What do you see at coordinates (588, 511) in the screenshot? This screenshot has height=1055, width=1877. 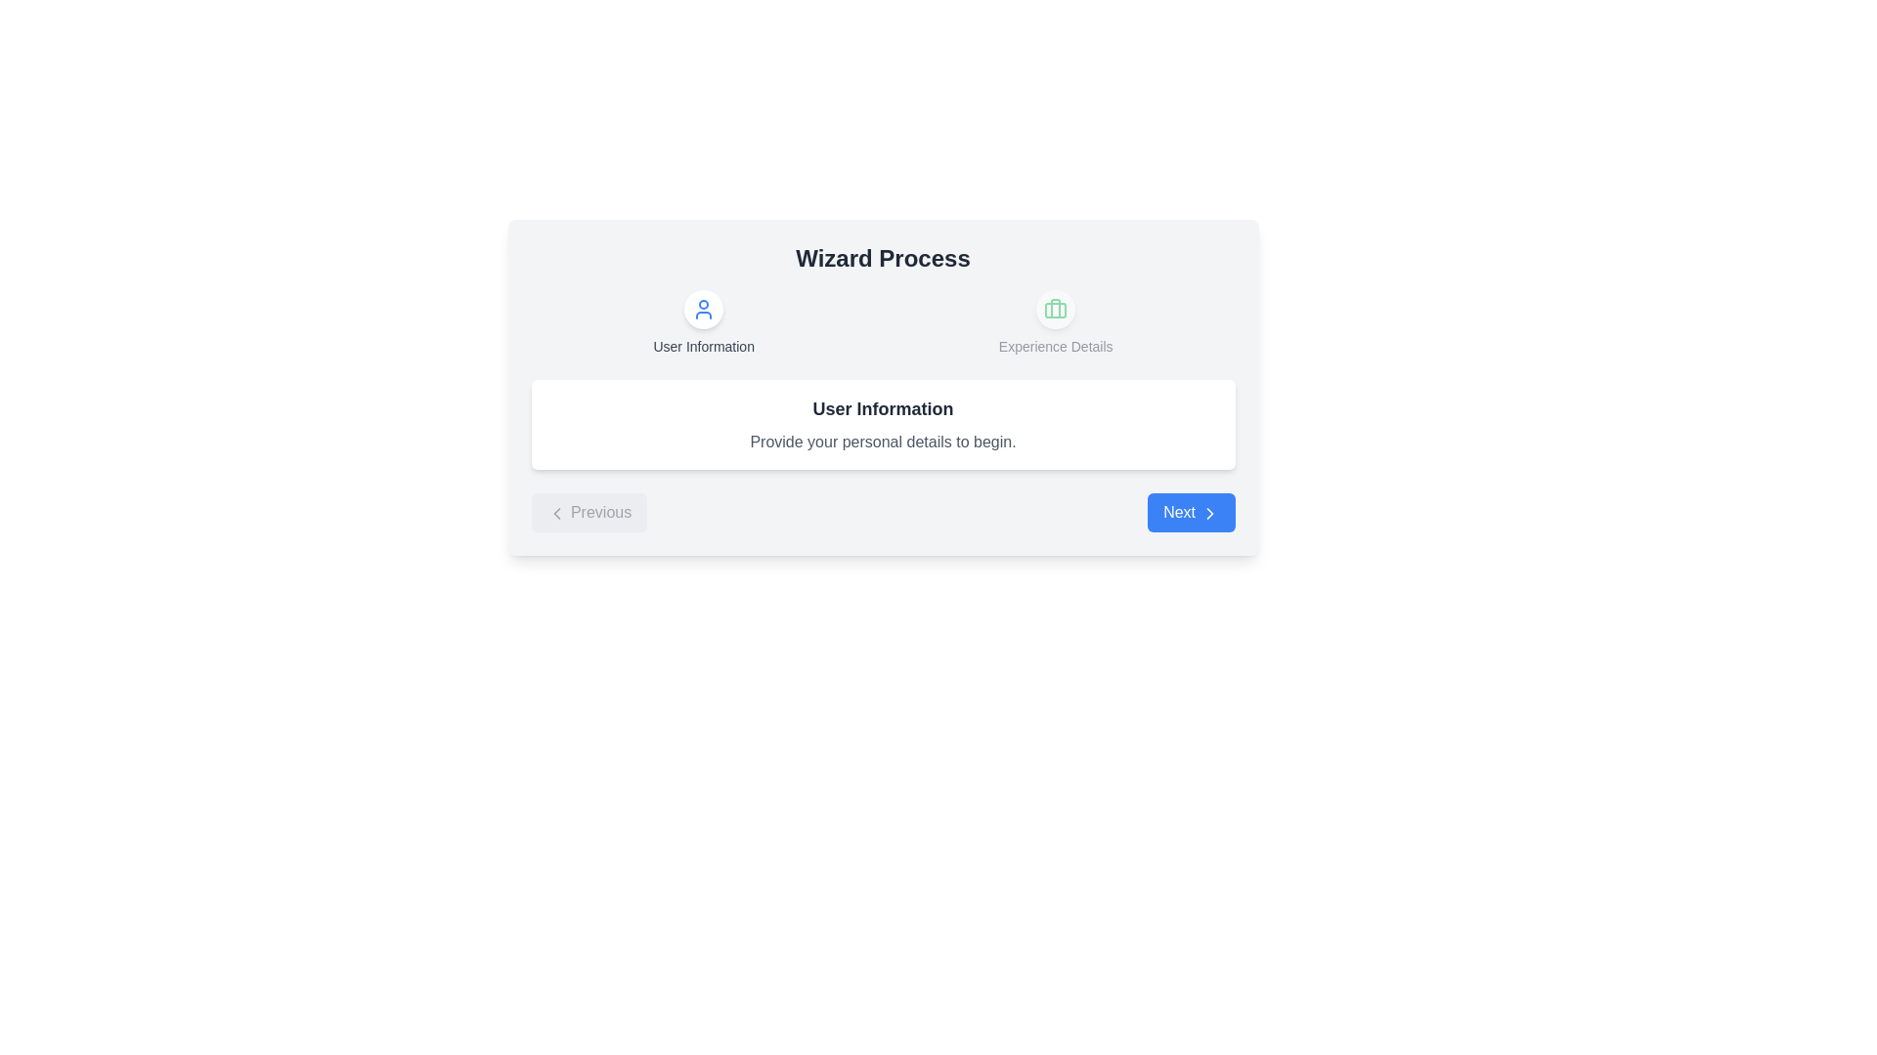 I see `the 'Previous' button with a left arrow icon` at bounding box center [588, 511].